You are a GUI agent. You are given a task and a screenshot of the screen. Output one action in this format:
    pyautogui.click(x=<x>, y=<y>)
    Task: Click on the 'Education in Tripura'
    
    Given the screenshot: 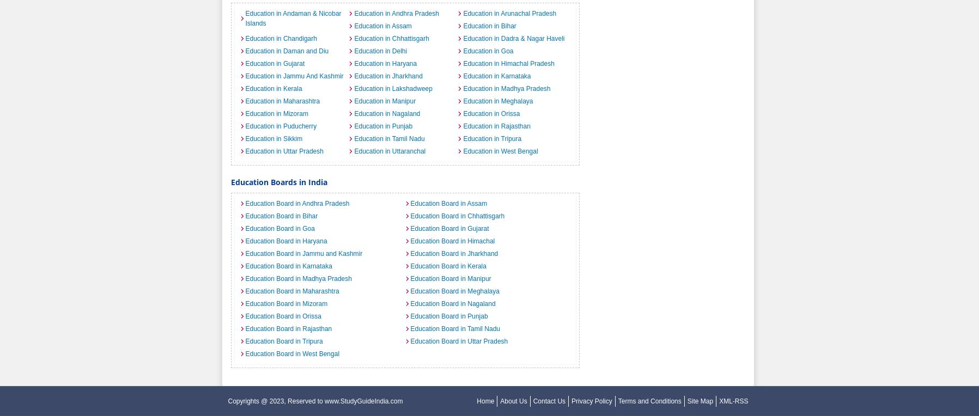 What is the action you would take?
    pyautogui.click(x=492, y=139)
    